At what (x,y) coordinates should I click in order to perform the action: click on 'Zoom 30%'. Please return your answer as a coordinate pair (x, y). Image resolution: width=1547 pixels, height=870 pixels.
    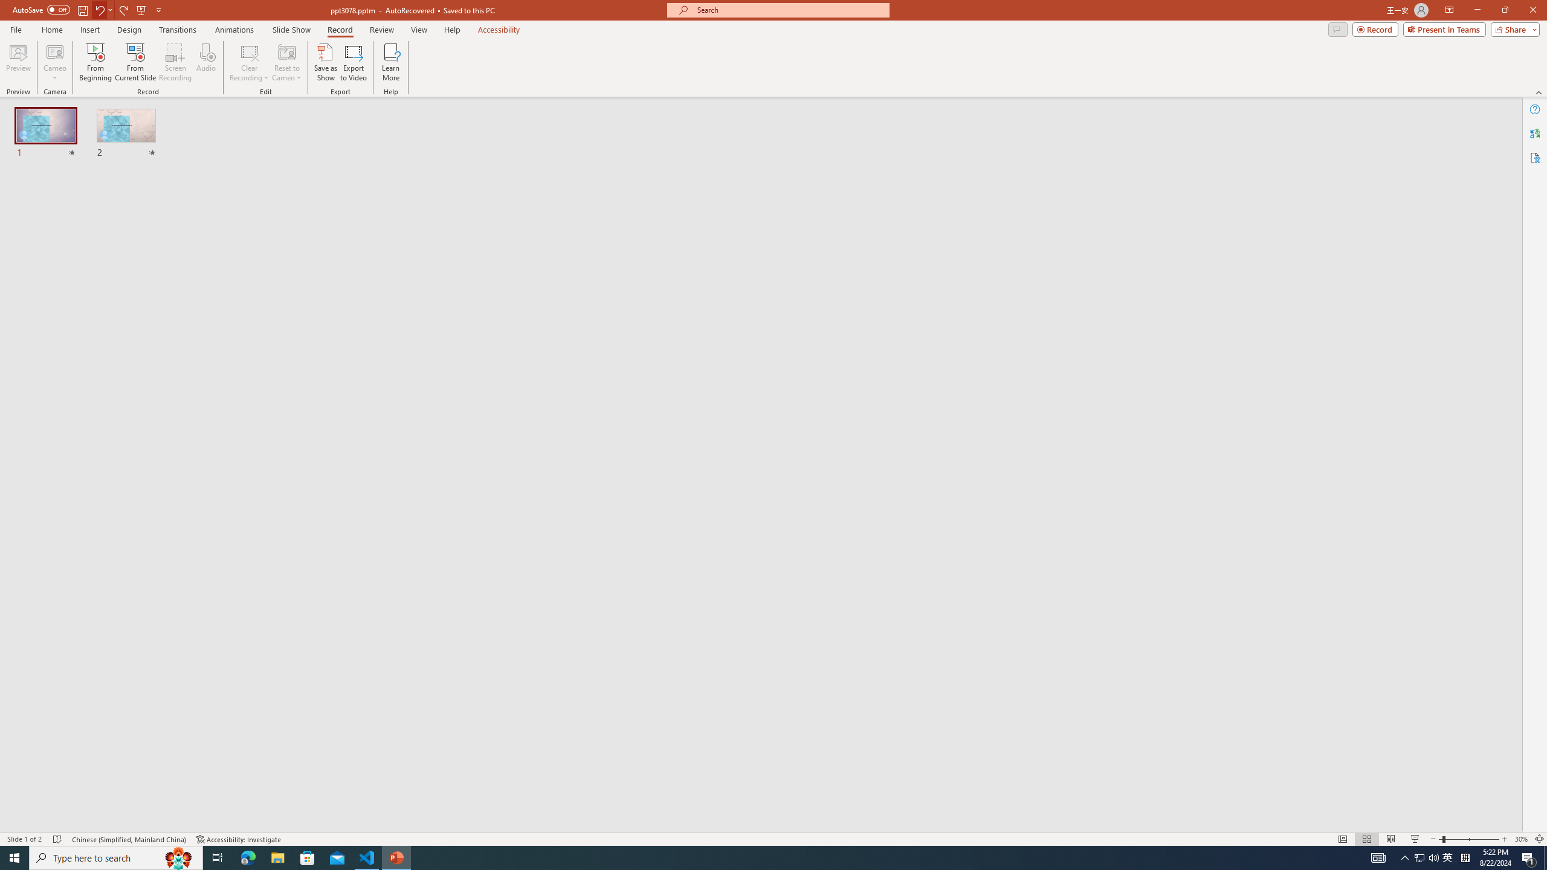
    Looking at the image, I should click on (1520, 839).